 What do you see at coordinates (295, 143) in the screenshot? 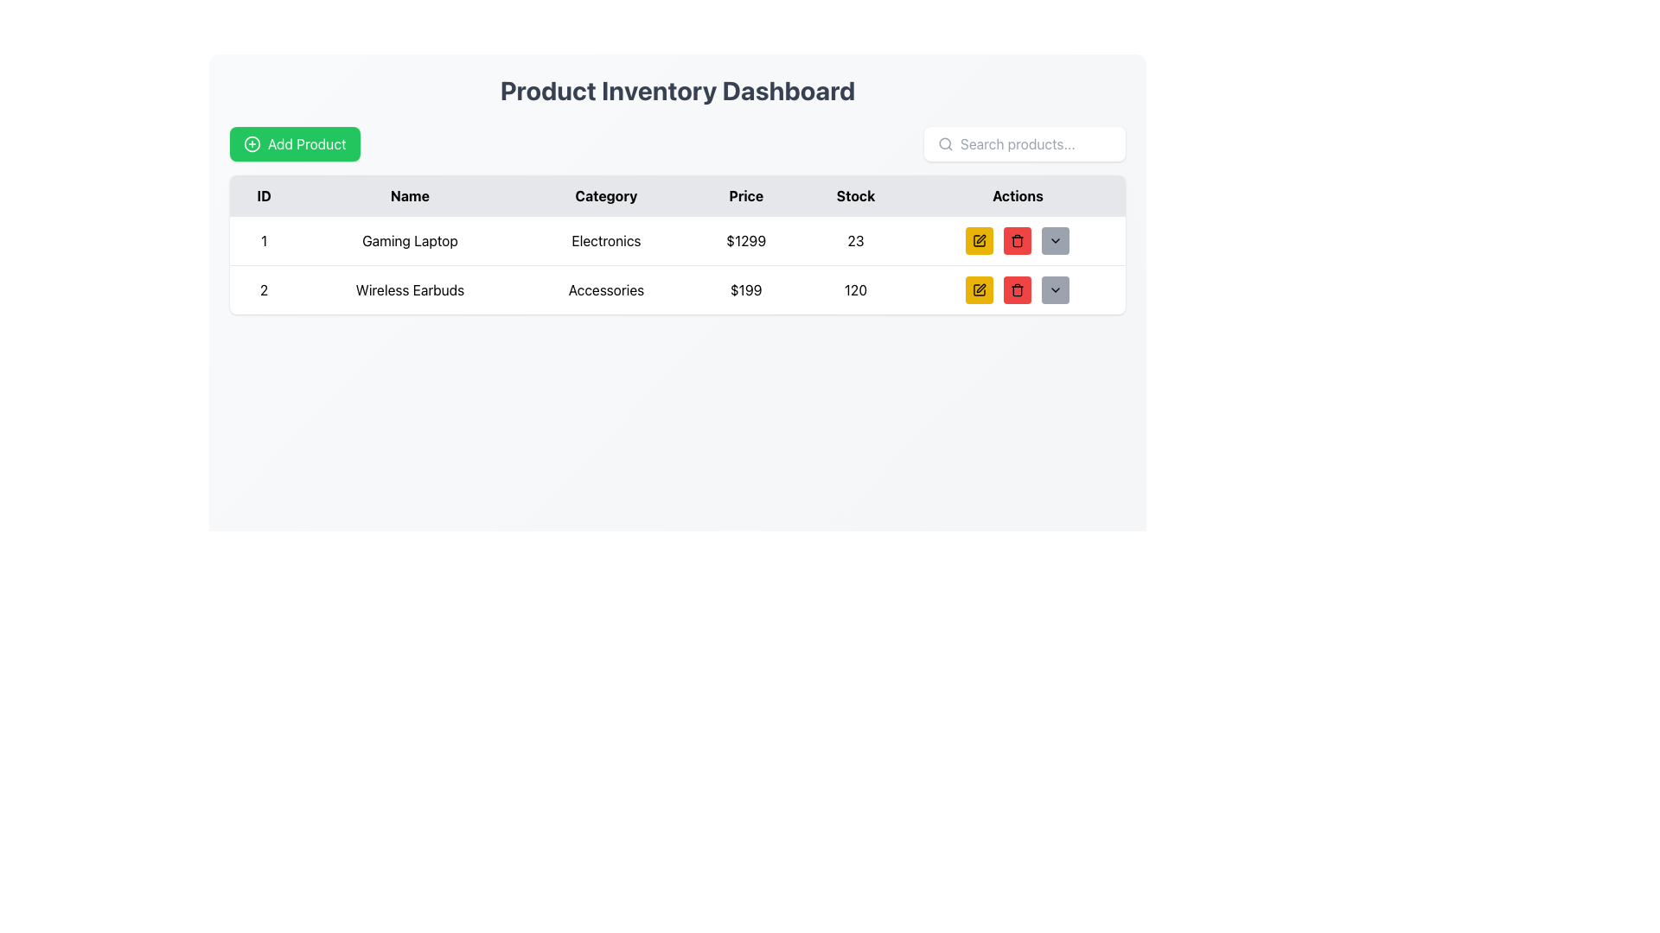
I see `the 'Add Product' button, which is a rectangular button with rounded edges, a green background, and white text` at bounding box center [295, 143].